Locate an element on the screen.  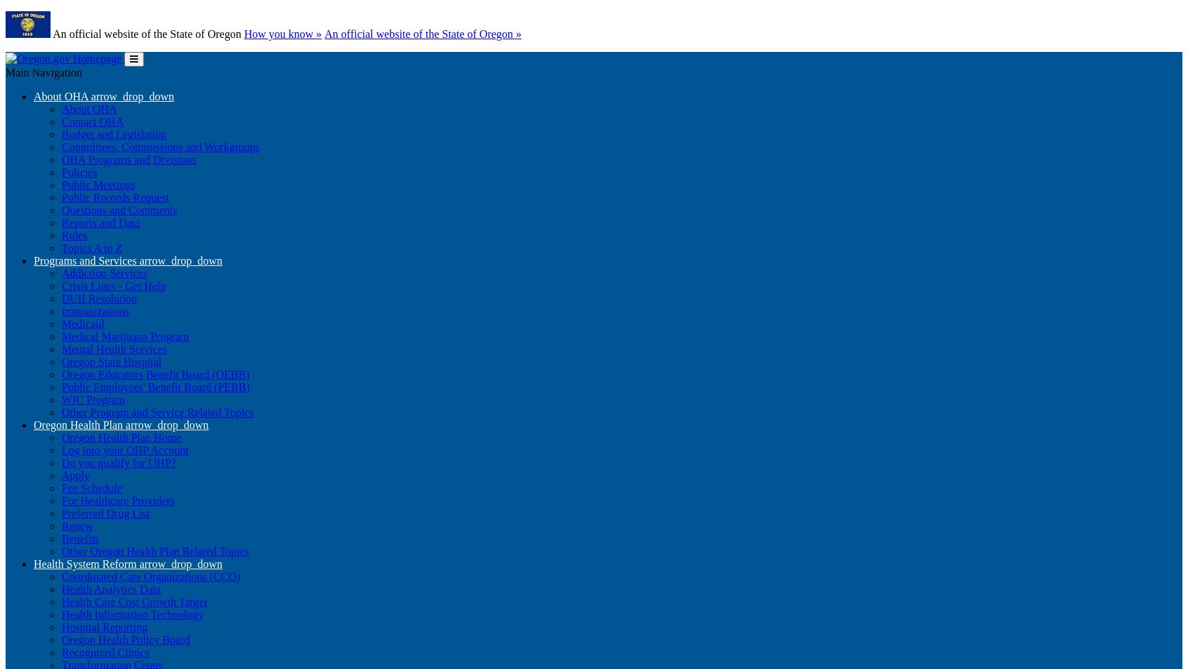
'Fee Schedule' is located at coordinates (61, 488).